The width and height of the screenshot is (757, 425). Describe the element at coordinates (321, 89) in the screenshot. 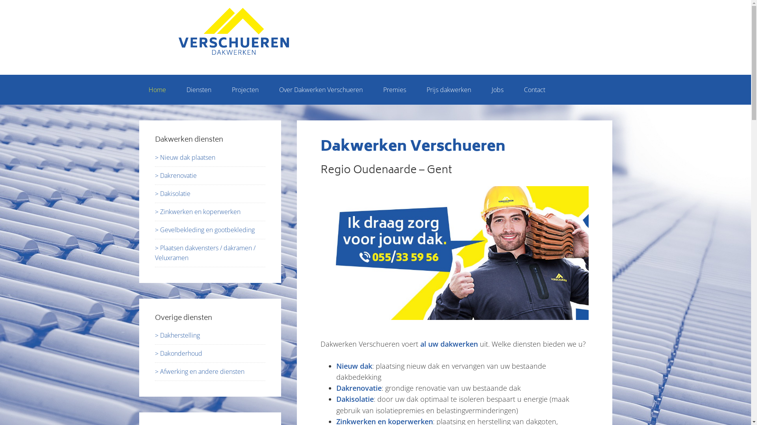

I see `'Over Dakwerken Verschueren'` at that location.